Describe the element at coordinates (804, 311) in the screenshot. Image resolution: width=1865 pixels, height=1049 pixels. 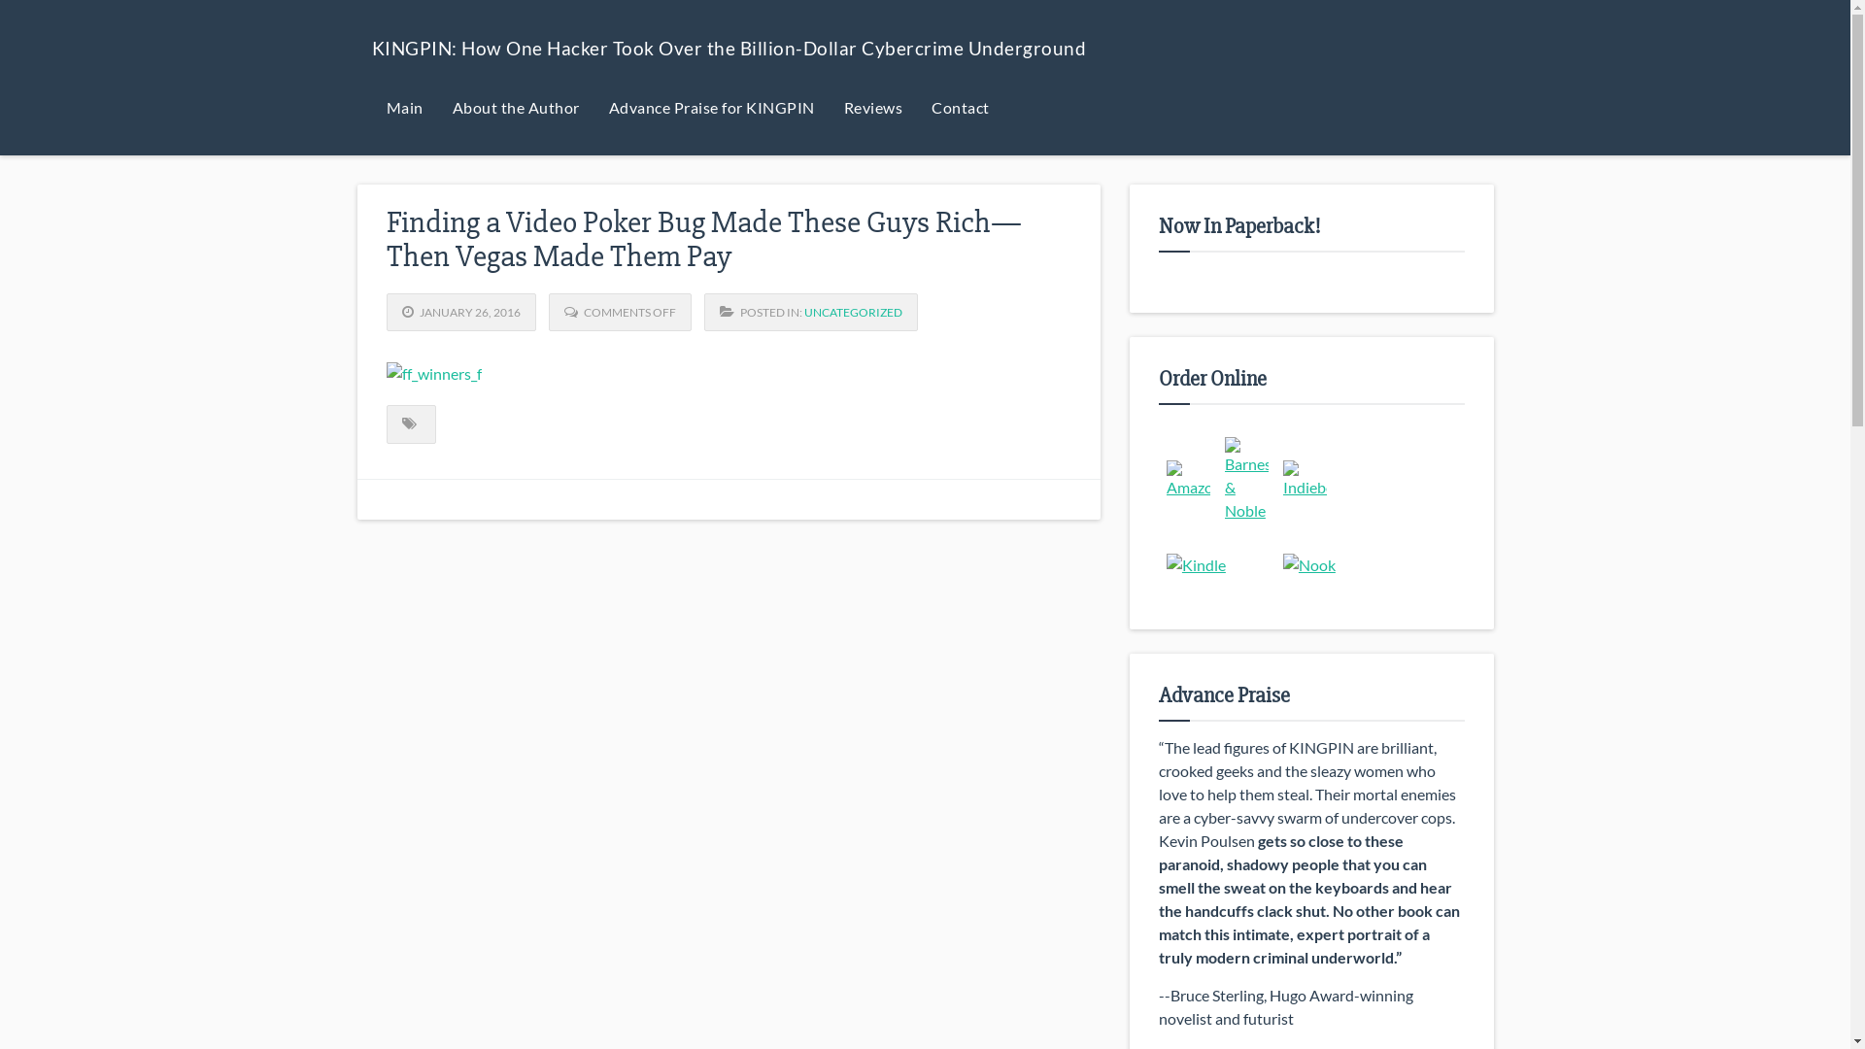
I see `'UNCATEGORIZED'` at that location.